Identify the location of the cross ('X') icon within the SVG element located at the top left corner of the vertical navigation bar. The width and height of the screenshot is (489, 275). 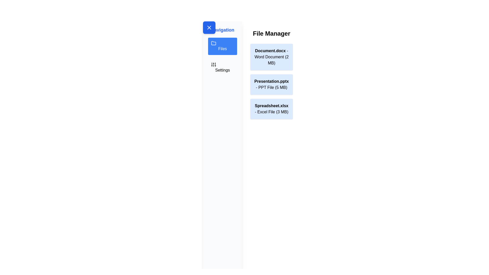
(209, 28).